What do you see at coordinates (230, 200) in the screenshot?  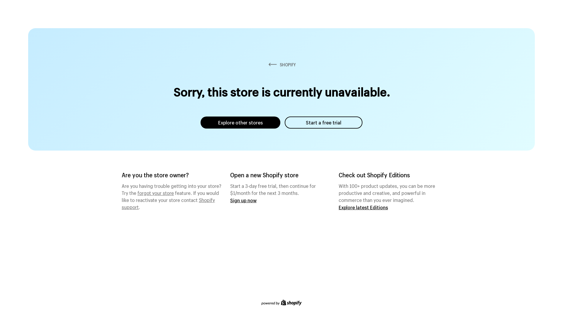 I see `'Sign up now'` at bounding box center [230, 200].